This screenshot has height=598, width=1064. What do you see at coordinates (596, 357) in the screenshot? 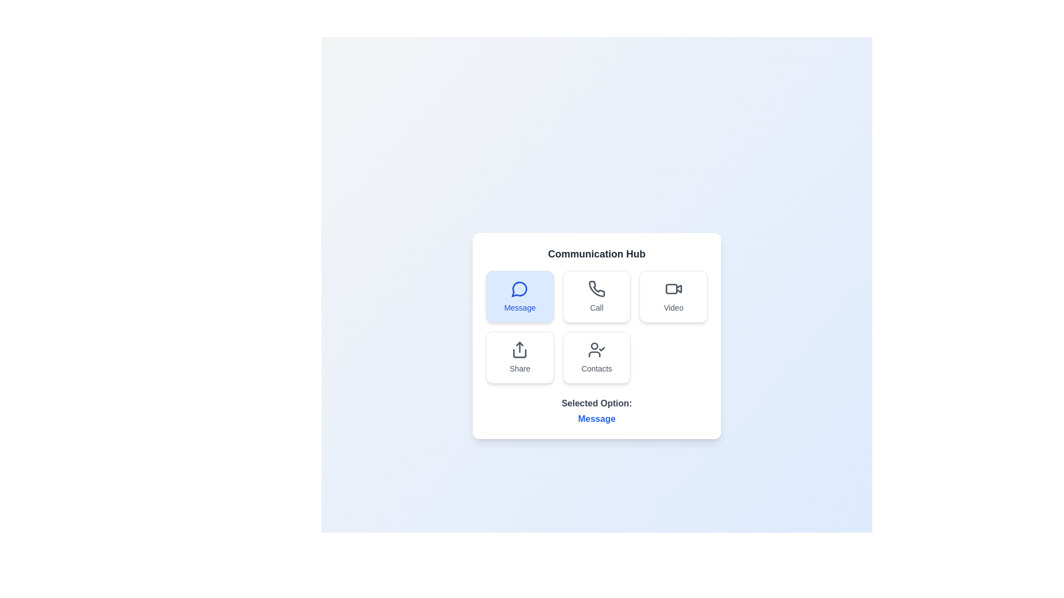
I see `the option Contacts in the Communication Hub` at bounding box center [596, 357].